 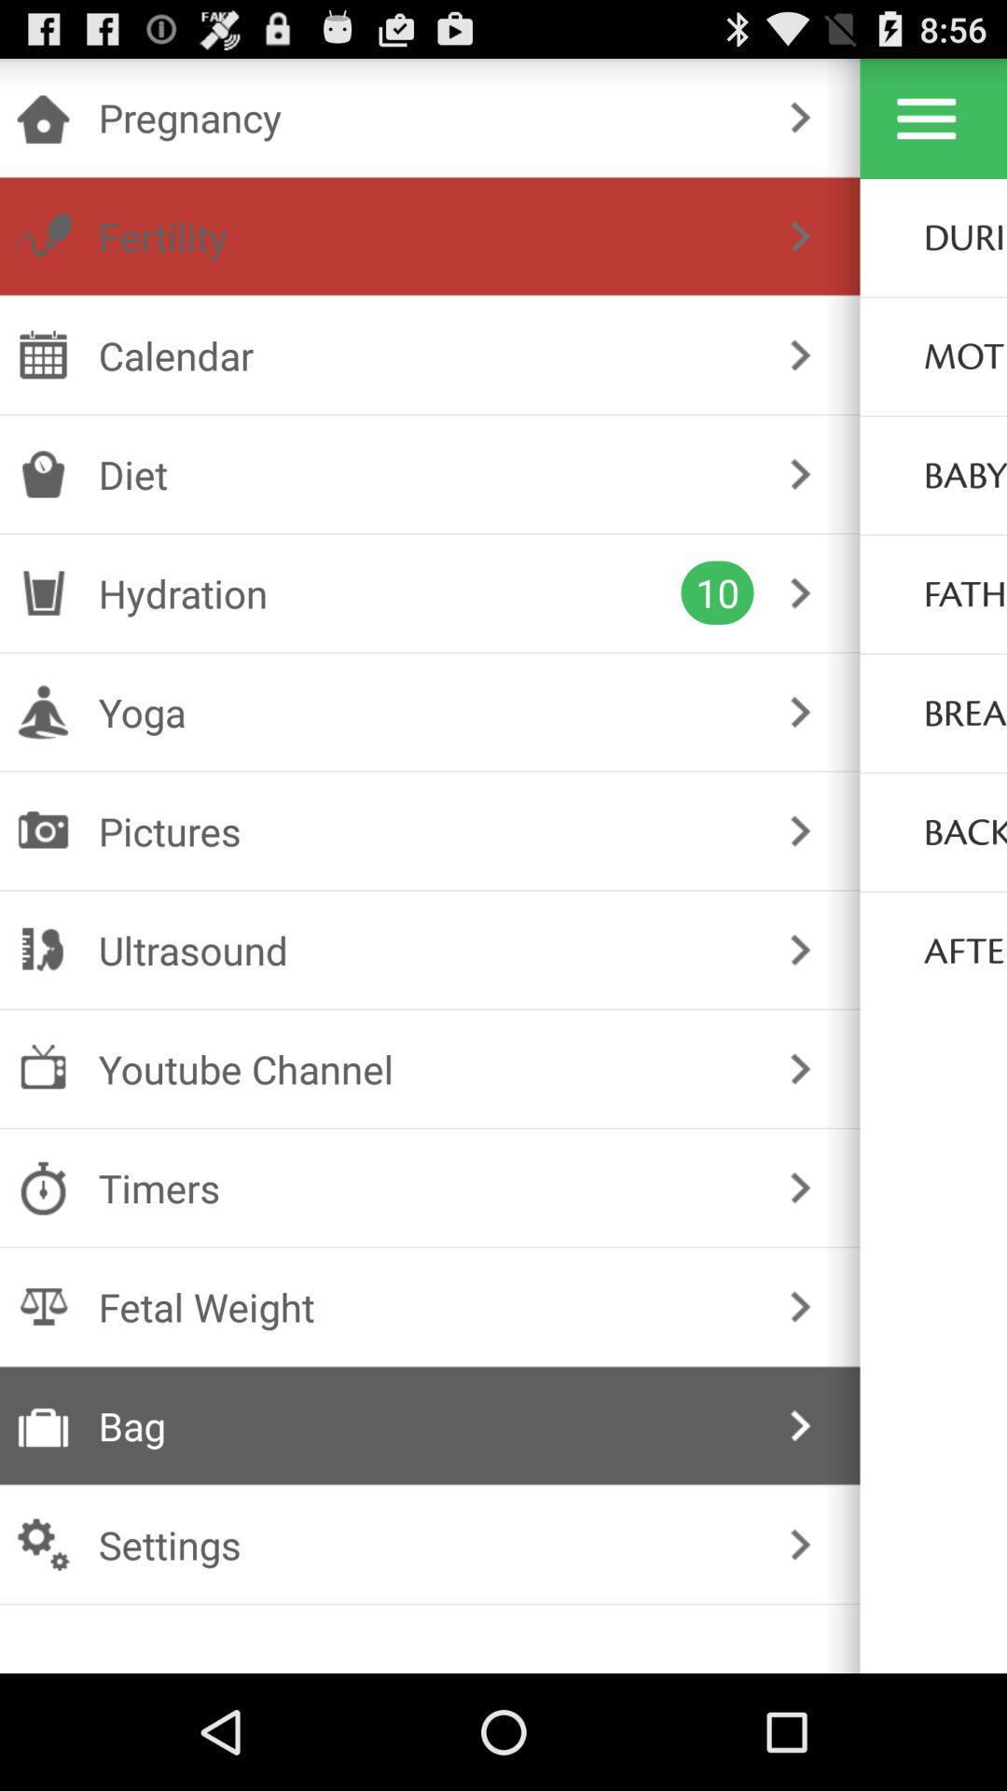 What do you see at coordinates (426, 1545) in the screenshot?
I see `icon below bag` at bounding box center [426, 1545].